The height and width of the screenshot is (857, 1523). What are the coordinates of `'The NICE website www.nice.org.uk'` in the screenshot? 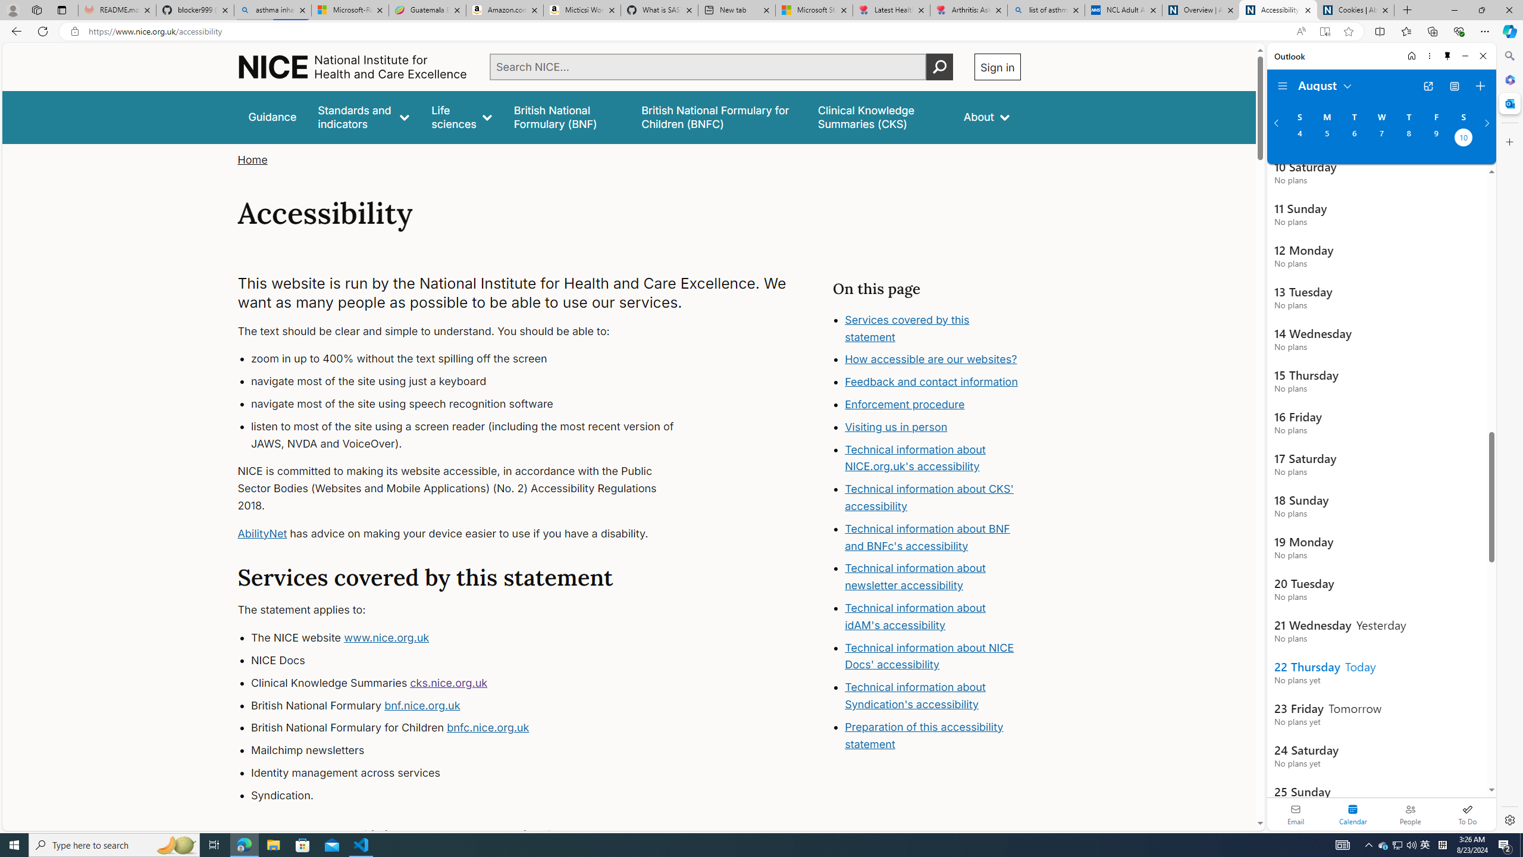 It's located at (473, 638).